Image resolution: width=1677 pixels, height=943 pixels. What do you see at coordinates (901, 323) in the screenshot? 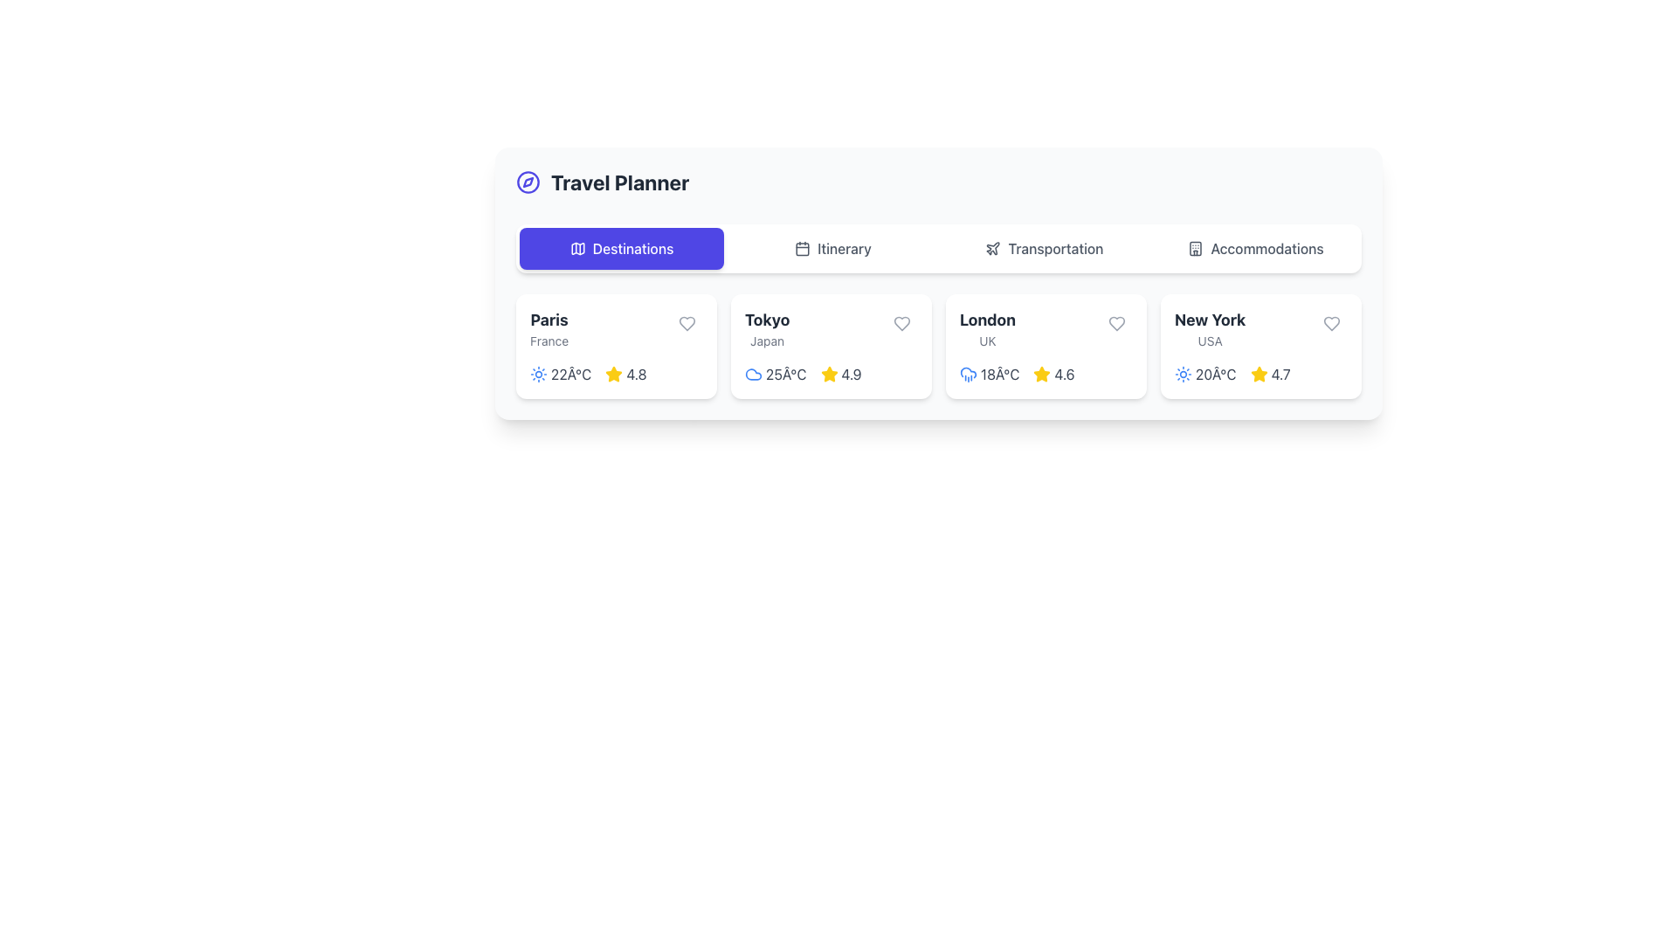
I see `the heart icon located in the top-right corner of the 'Tokyo, Japan' card` at bounding box center [901, 323].